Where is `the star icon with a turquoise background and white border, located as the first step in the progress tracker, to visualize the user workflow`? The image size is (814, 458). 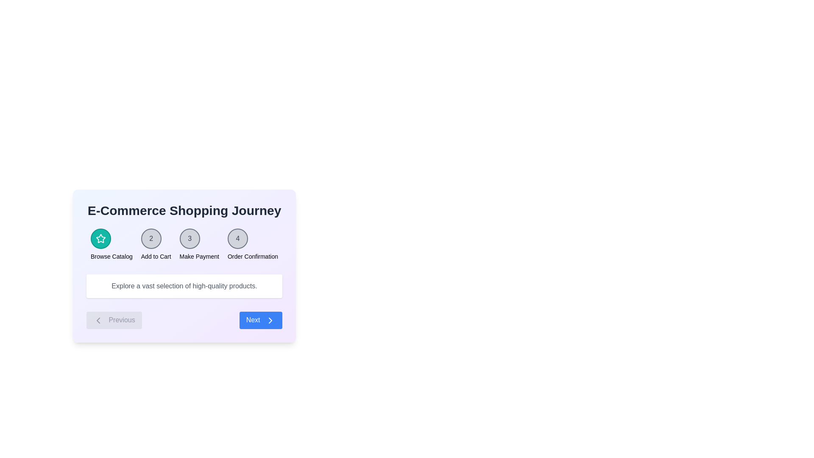
the star icon with a turquoise background and white border, located as the first step in the progress tracker, to visualize the user workflow is located at coordinates (100, 239).